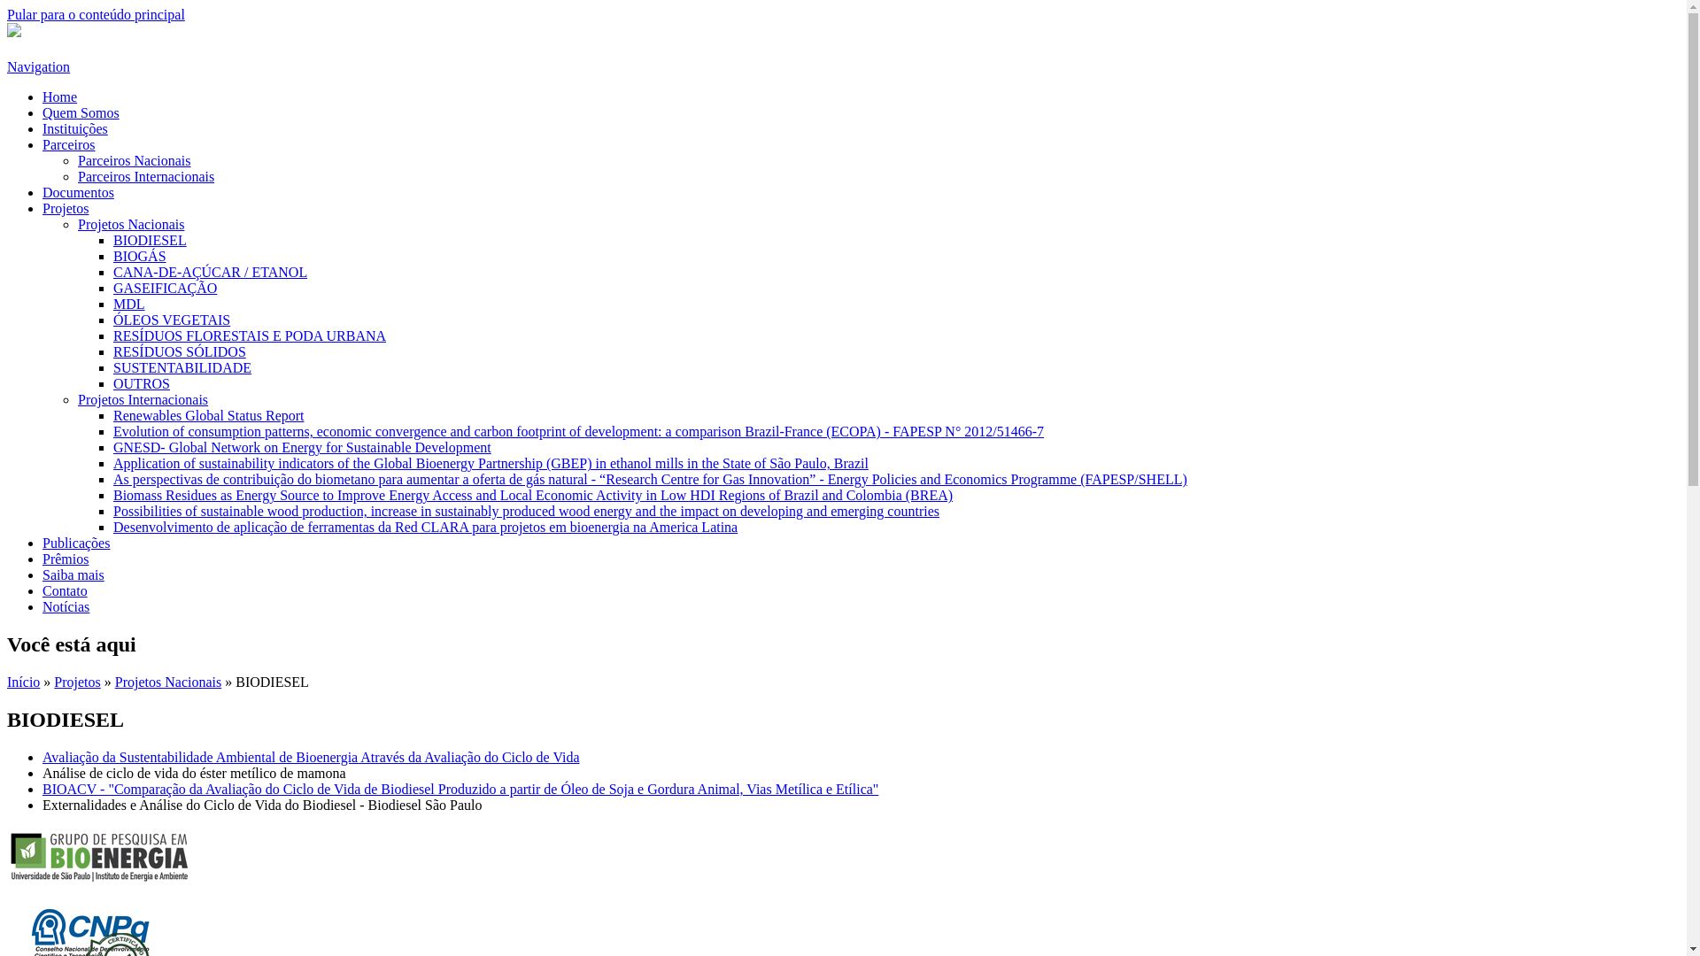 This screenshot has width=1700, height=956. What do you see at coordinates (77, 192) in the screenshot?
I see `'Documentos'` at bounding box center [77, 192].